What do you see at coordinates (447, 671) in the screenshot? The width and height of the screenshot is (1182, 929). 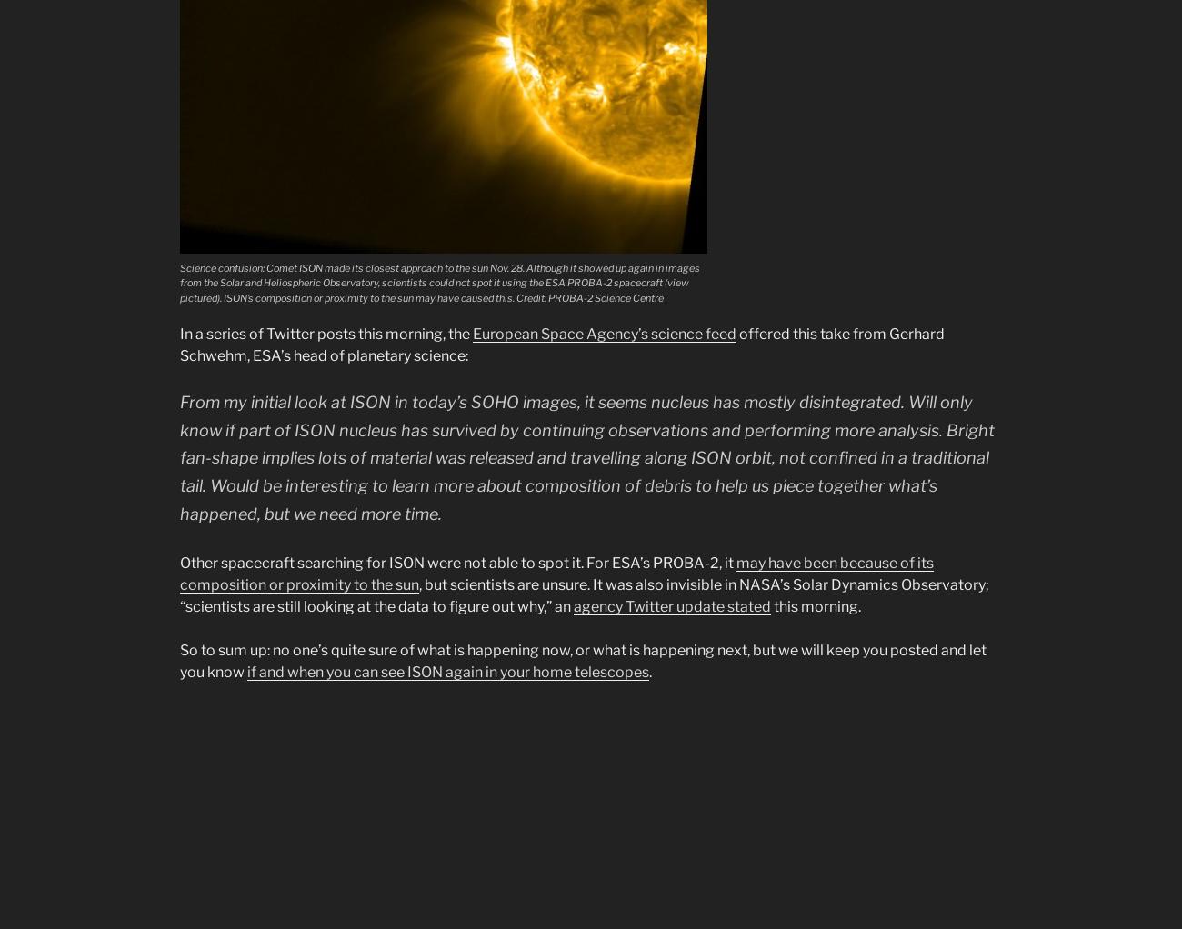 I see `'if and when you can see ISON again in your home telescopes'` at bounding box center [447, 671].